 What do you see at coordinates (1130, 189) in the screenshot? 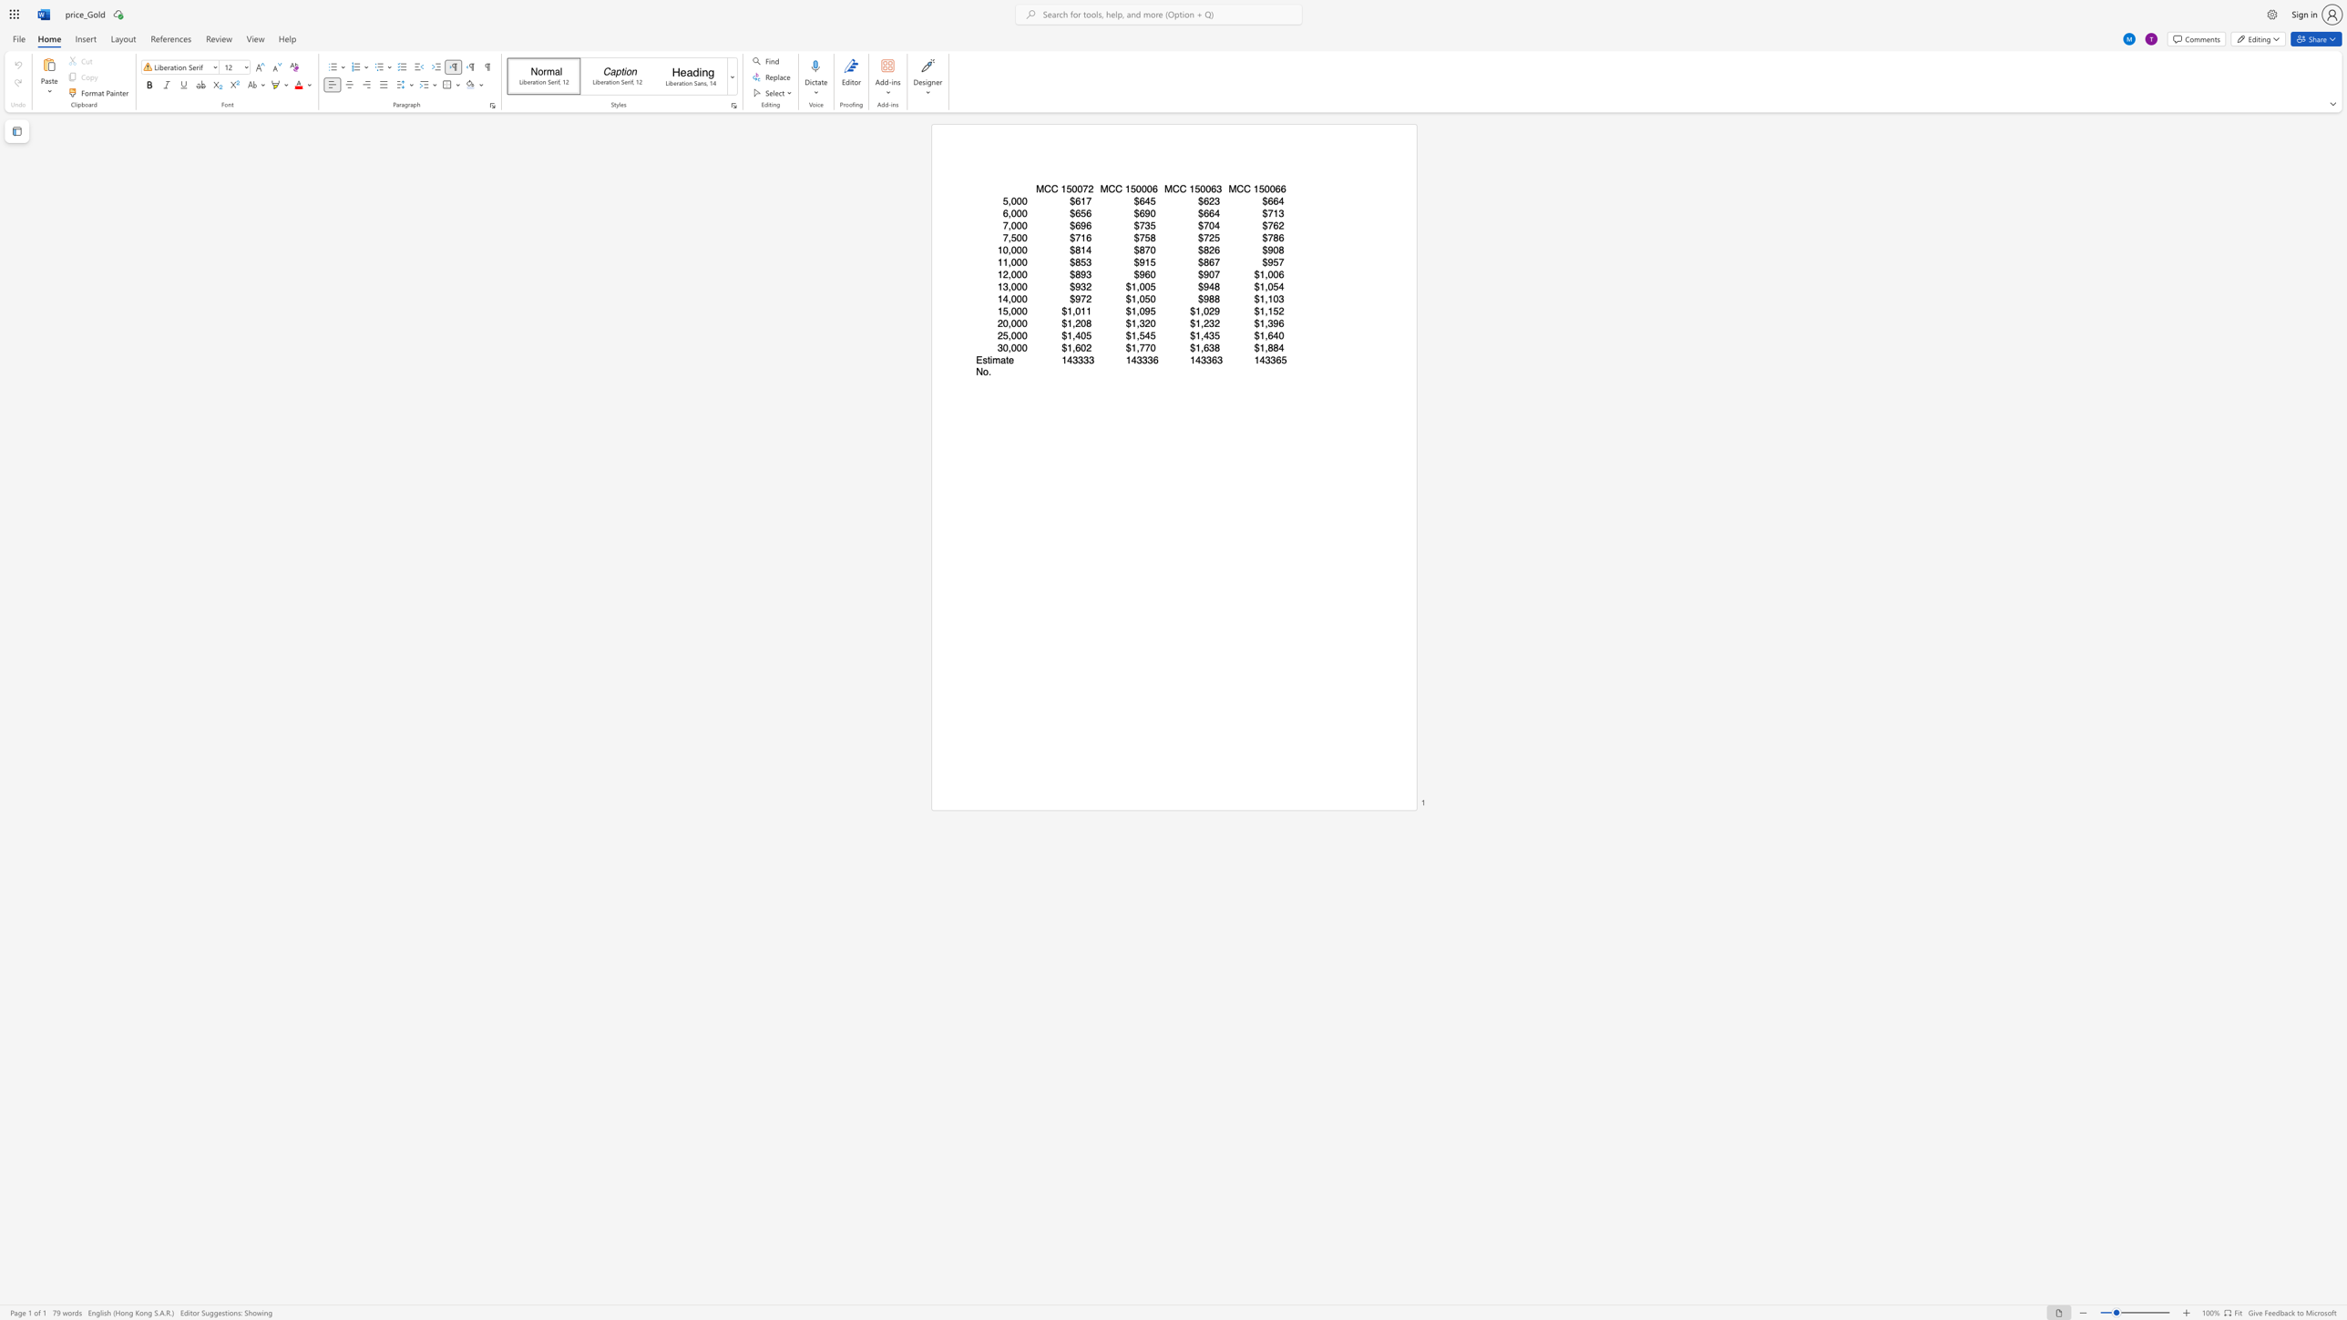
I see `the subset text "50006" within the text "MCC 150006"` at bounding box center [1130, 189].